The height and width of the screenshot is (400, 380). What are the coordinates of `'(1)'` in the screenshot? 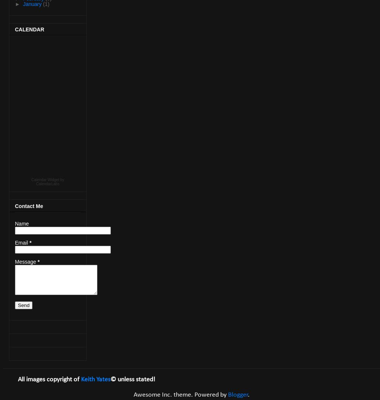 It's located at (43, 3).